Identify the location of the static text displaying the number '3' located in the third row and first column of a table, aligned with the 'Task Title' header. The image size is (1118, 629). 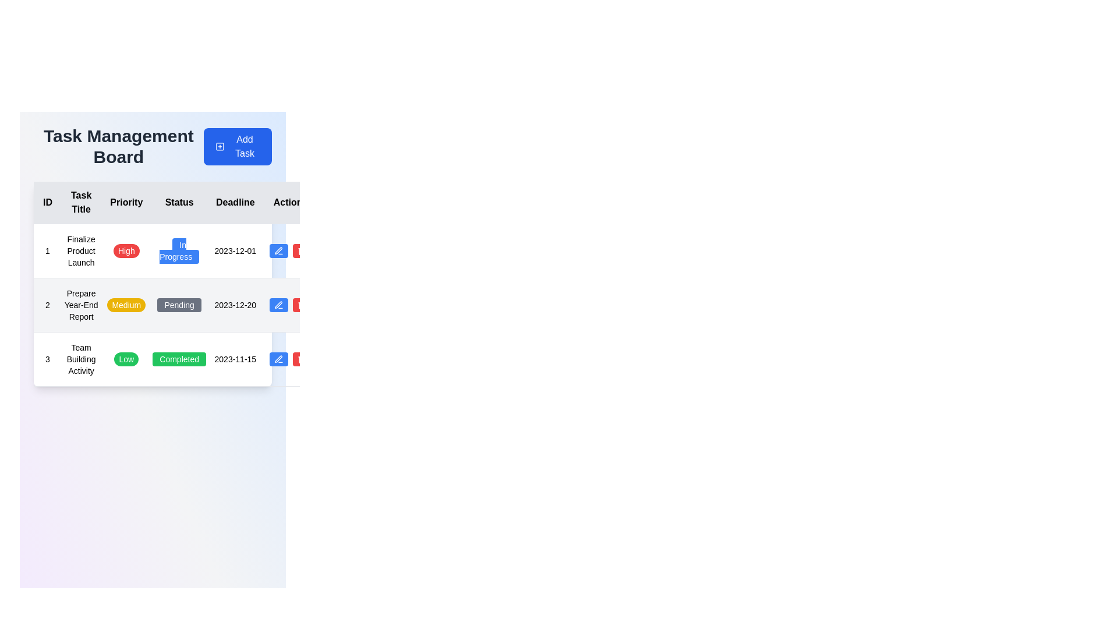
(47, 359).